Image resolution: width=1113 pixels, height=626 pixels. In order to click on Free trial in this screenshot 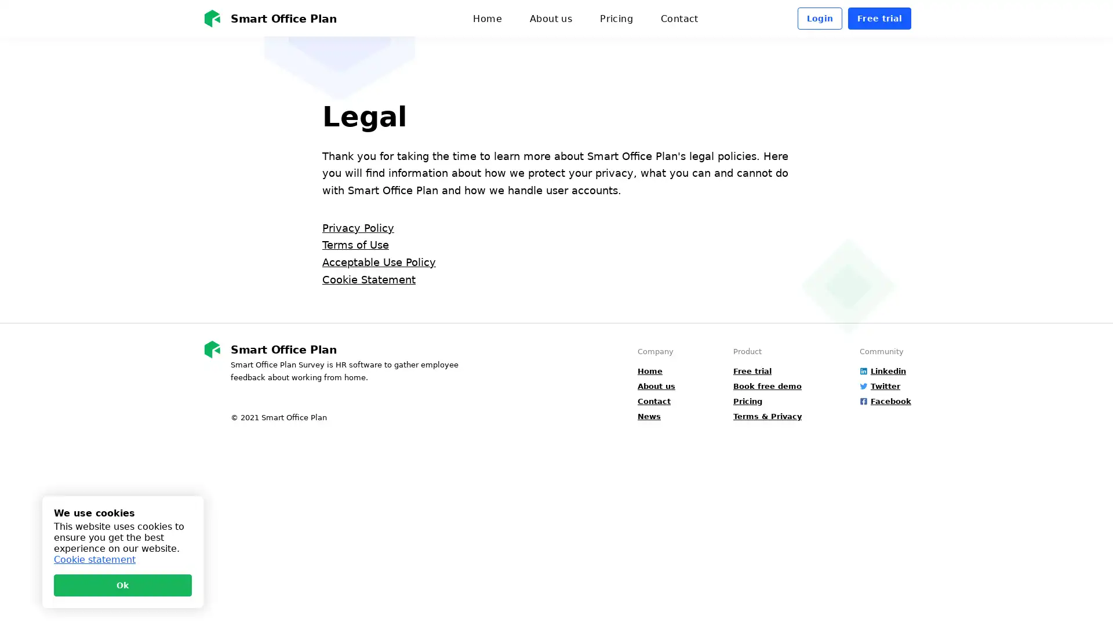, I will do `click(879, 17)`.